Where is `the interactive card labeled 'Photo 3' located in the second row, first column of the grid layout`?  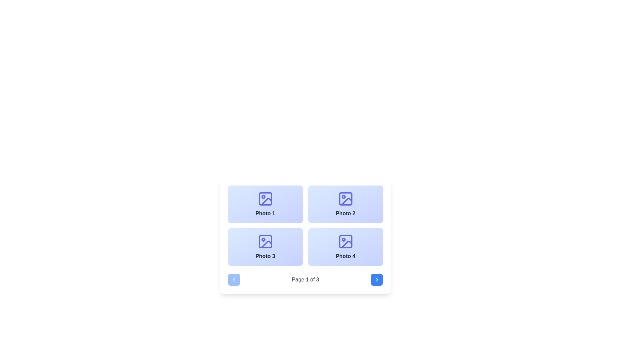
the interactive card labeled 'Photo 3' located in the second row, first column of the grid layout is located at coordinates (265, 247).